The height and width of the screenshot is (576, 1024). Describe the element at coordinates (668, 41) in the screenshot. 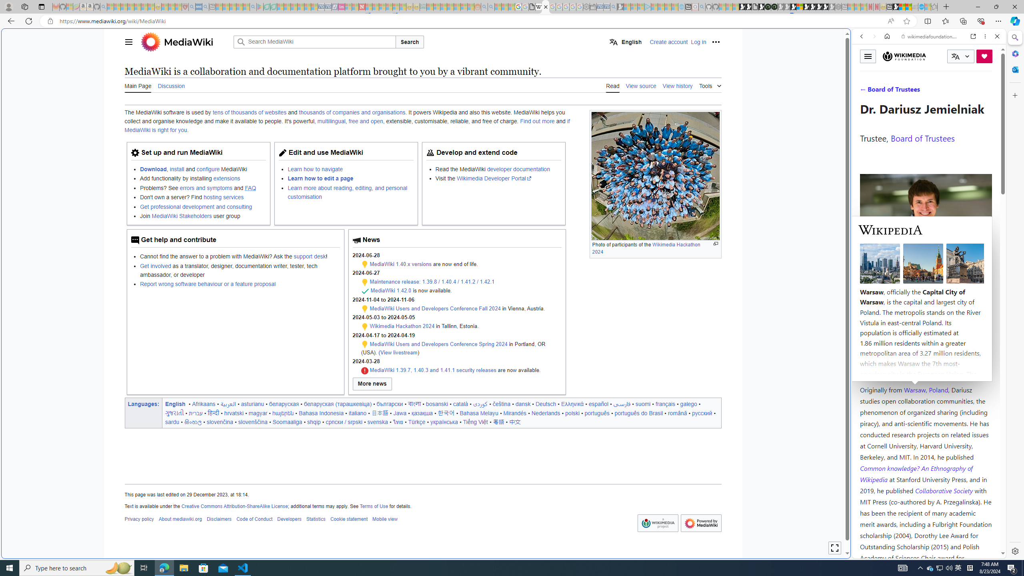

I see `'Create account'` at that location.